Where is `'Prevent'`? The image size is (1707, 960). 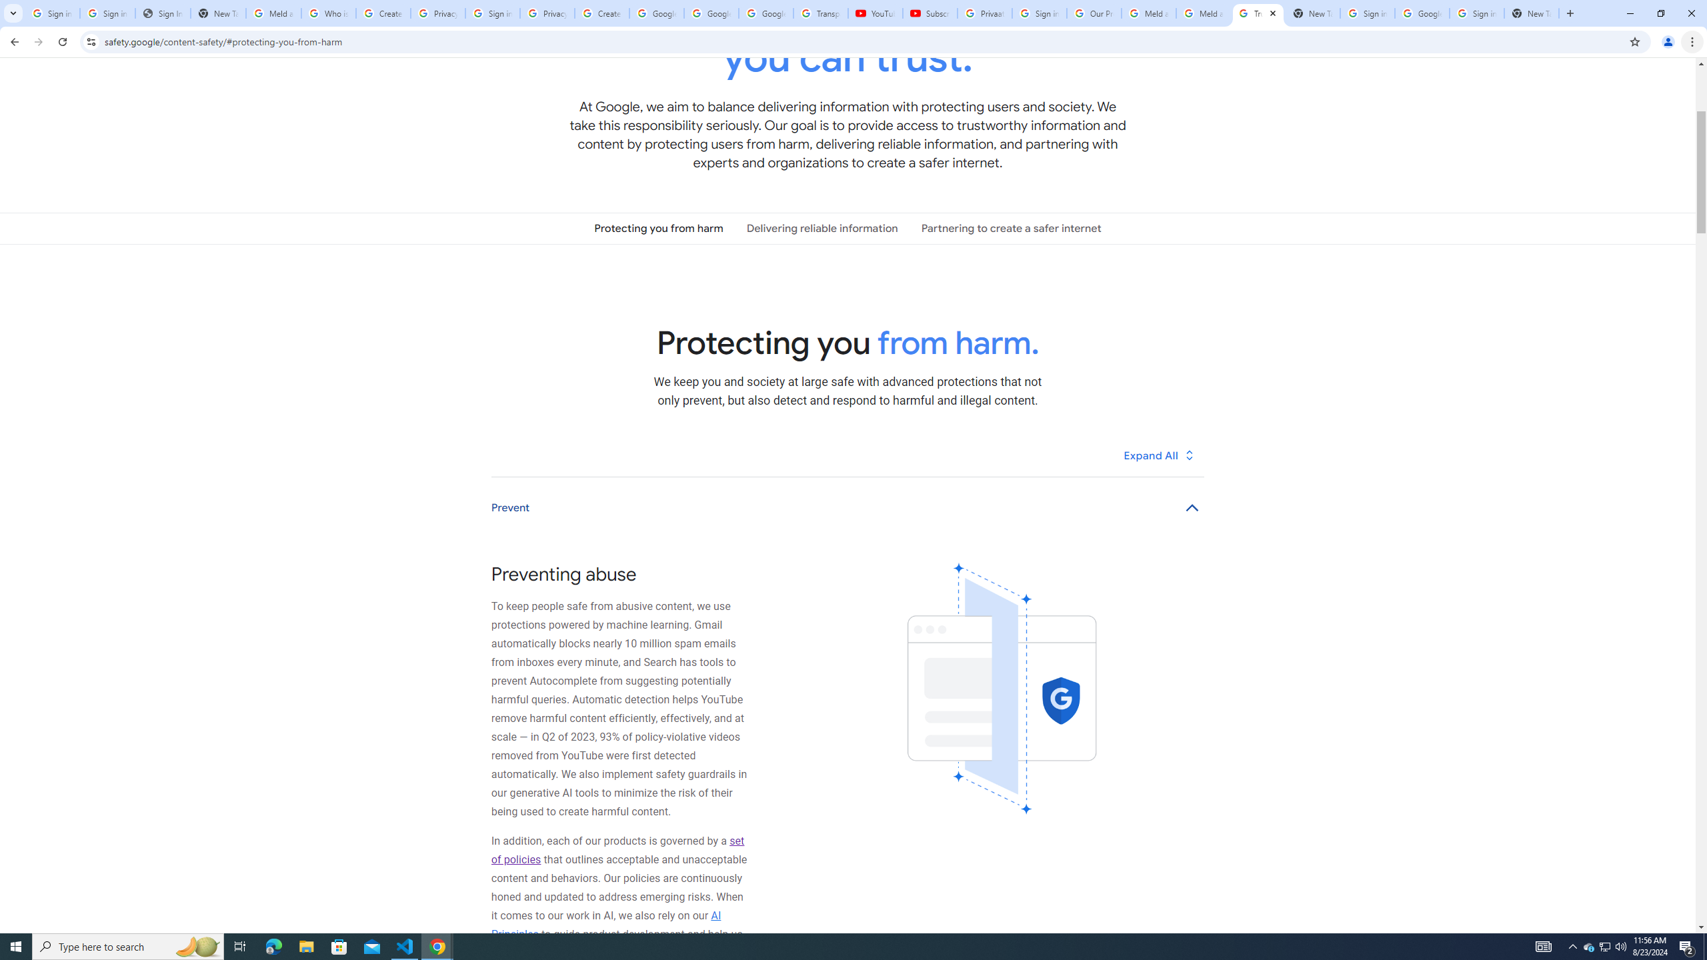
'Prevent' is located at coordinates (847, 507).